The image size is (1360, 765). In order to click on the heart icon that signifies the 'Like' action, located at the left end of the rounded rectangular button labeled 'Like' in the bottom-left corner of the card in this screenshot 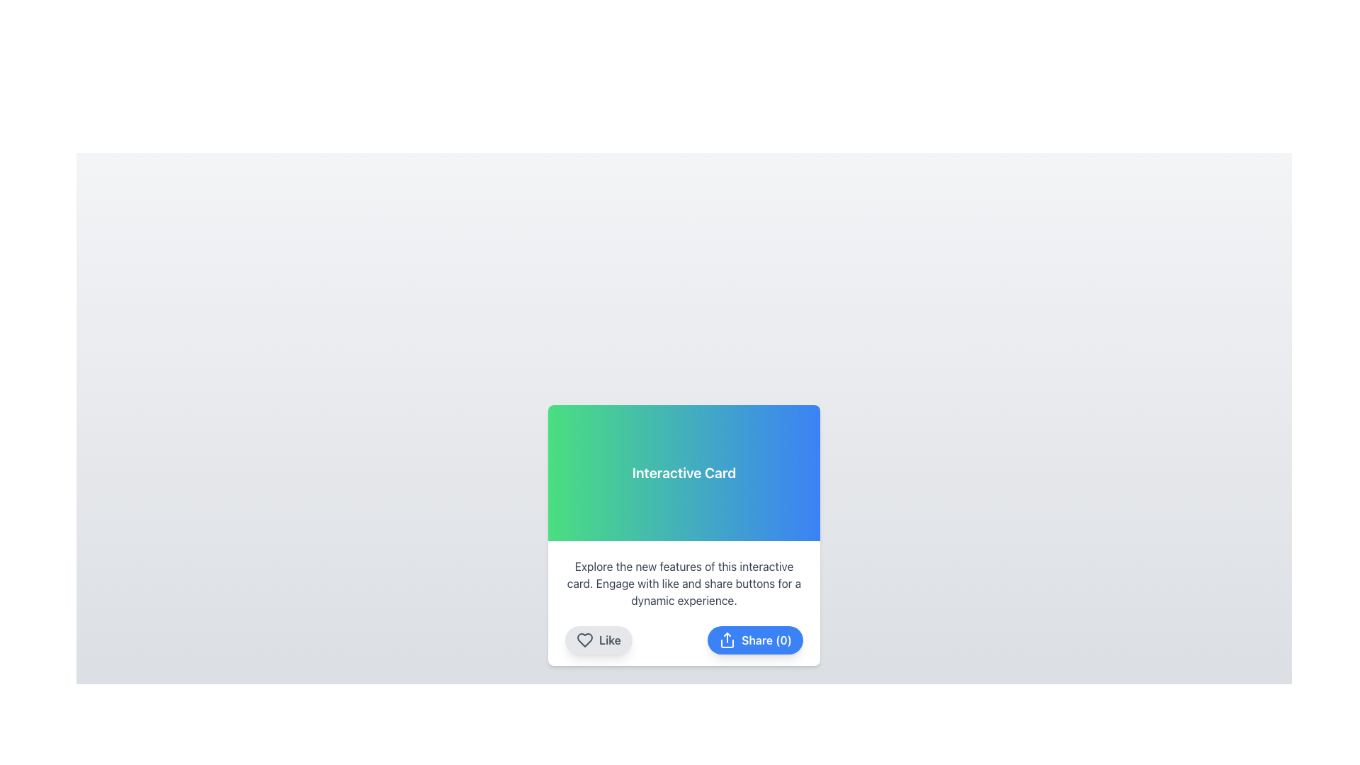, I will do `click(584, 640)`.